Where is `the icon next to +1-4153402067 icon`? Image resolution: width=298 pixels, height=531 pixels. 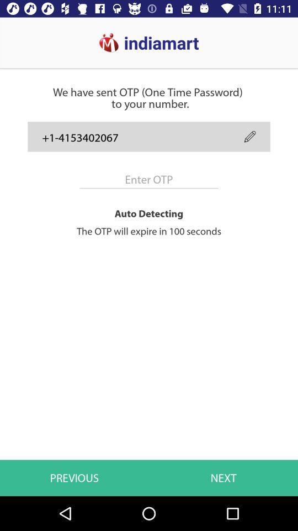 the icon next to +1-4153402067 icon is located at coordinates (250, 136).